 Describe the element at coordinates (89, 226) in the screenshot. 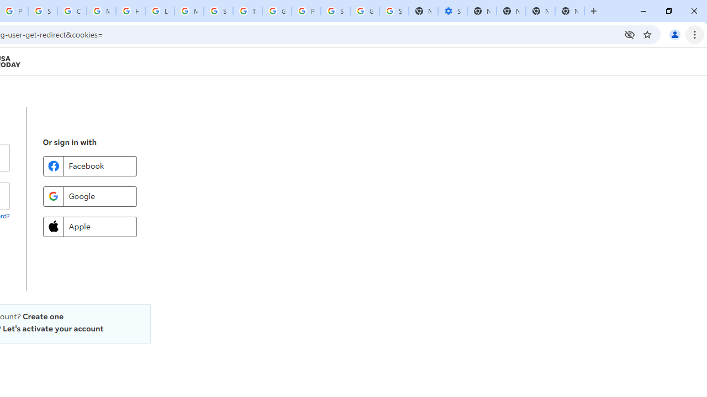

I see `'Apple'` at that location.